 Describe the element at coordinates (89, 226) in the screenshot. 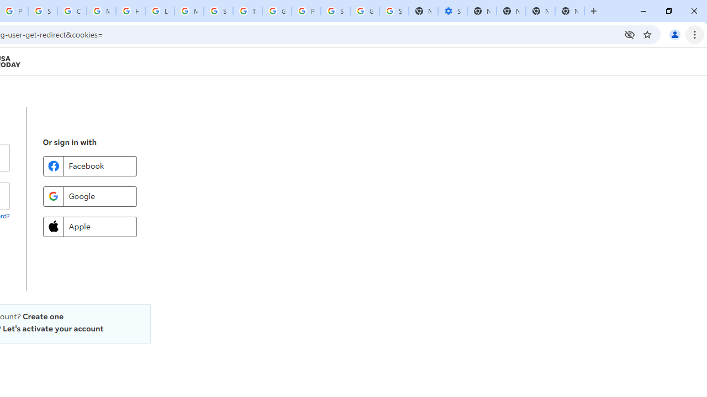

I see `'Apple'` at that location.